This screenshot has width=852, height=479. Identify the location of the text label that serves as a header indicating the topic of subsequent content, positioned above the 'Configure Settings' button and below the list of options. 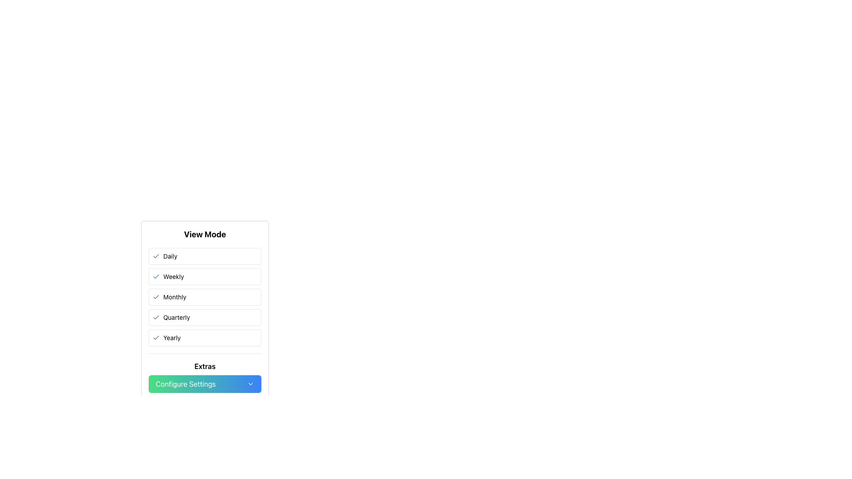
(204, 366).